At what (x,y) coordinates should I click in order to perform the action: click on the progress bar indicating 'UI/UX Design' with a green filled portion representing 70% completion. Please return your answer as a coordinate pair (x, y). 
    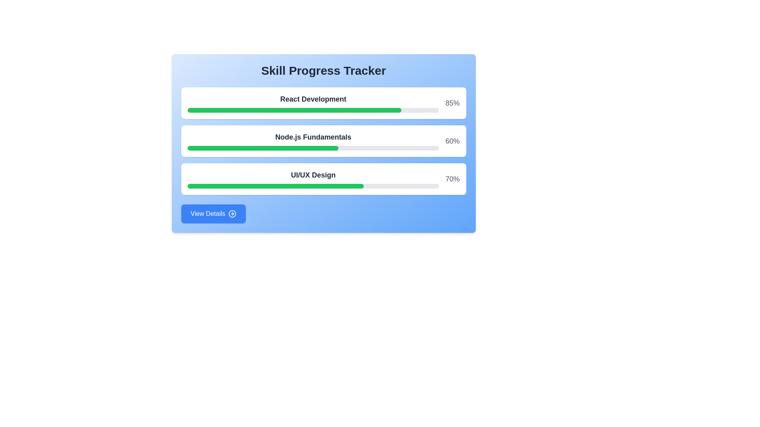
    Looking at the image, I should click on (313, 186).